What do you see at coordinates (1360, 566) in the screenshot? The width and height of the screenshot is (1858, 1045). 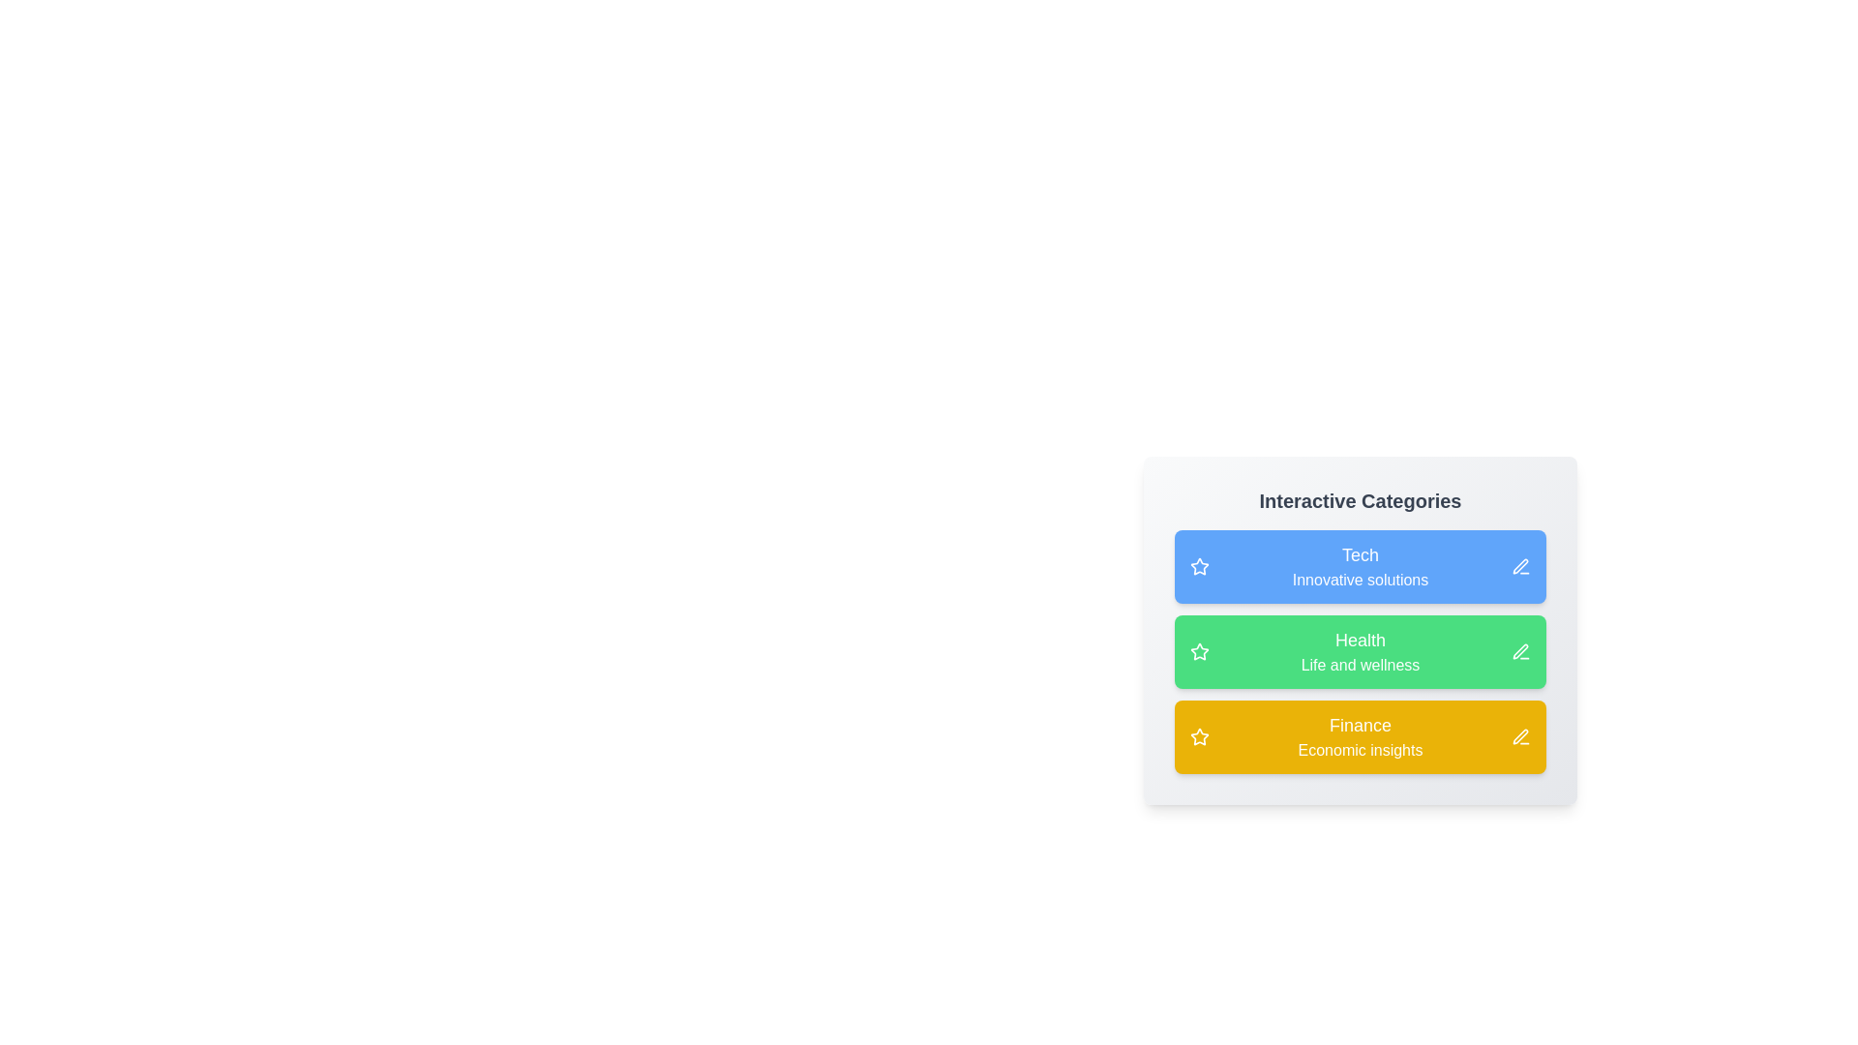 I see `the category Tech to toggle its active state` at bounding box center [1360, 566].